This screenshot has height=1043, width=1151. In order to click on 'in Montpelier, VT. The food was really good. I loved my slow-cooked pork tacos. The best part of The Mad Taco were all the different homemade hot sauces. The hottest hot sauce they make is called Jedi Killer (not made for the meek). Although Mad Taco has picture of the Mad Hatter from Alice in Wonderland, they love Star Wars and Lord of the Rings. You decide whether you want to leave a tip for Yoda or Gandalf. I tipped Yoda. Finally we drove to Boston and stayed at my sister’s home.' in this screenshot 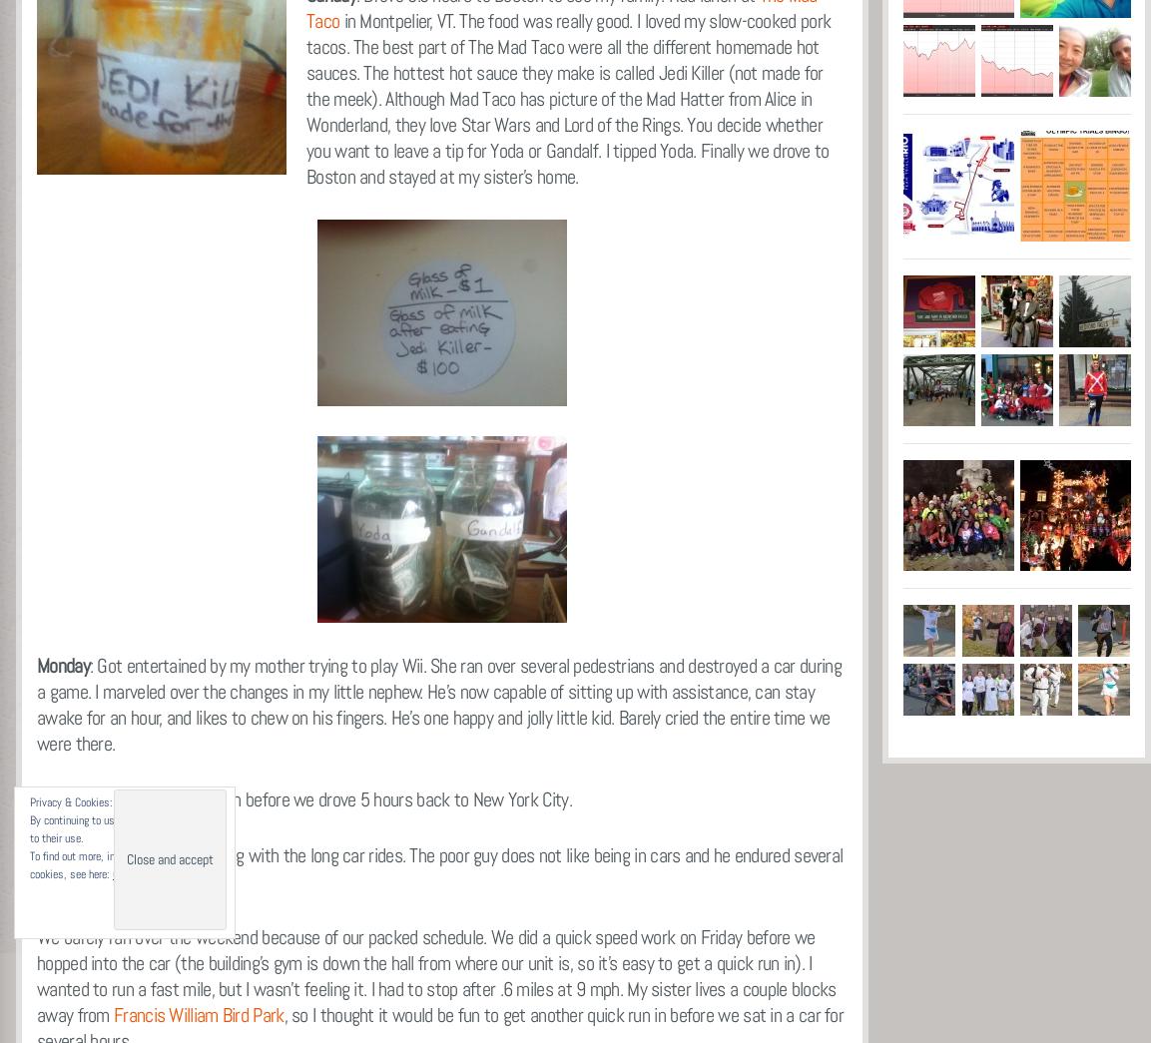, I will do `click(567, 98)`.